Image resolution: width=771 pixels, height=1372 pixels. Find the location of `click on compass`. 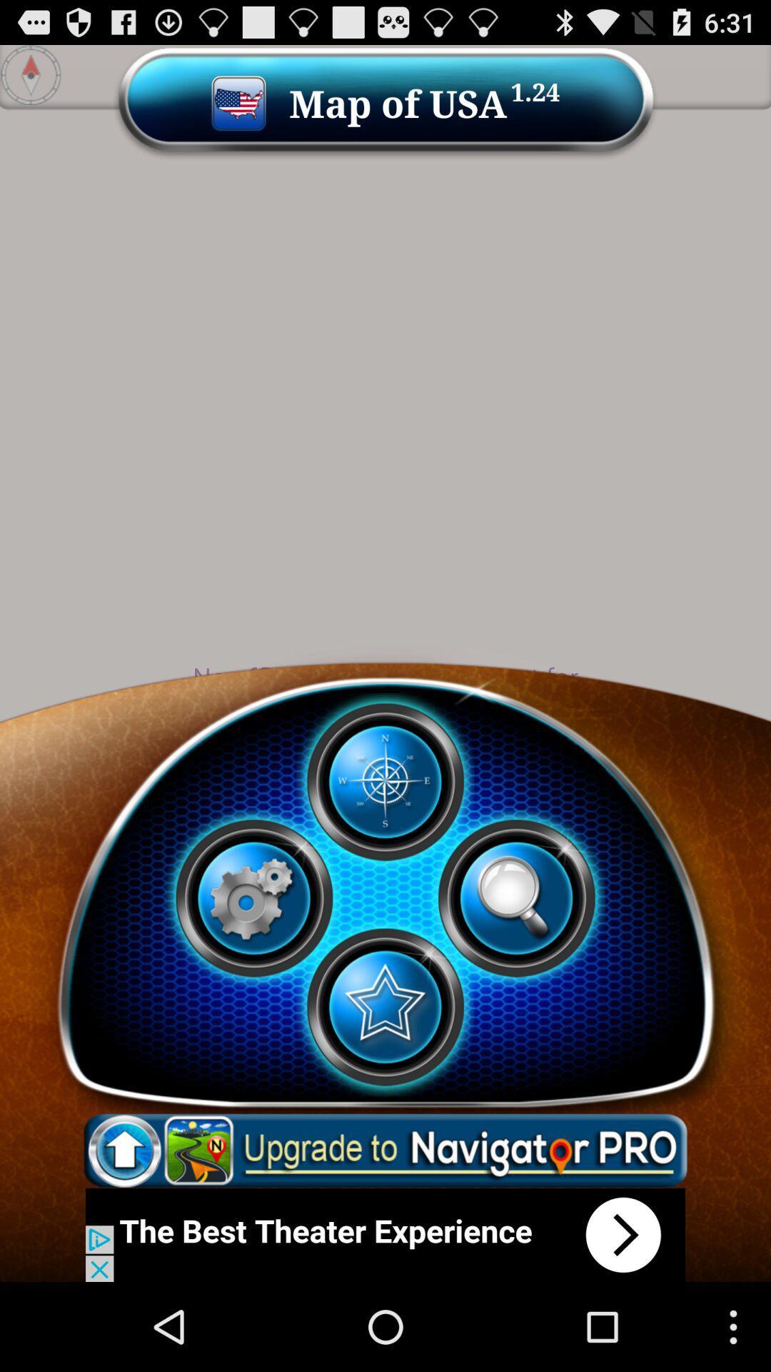

click on compass is located at coordinates (384, 781).